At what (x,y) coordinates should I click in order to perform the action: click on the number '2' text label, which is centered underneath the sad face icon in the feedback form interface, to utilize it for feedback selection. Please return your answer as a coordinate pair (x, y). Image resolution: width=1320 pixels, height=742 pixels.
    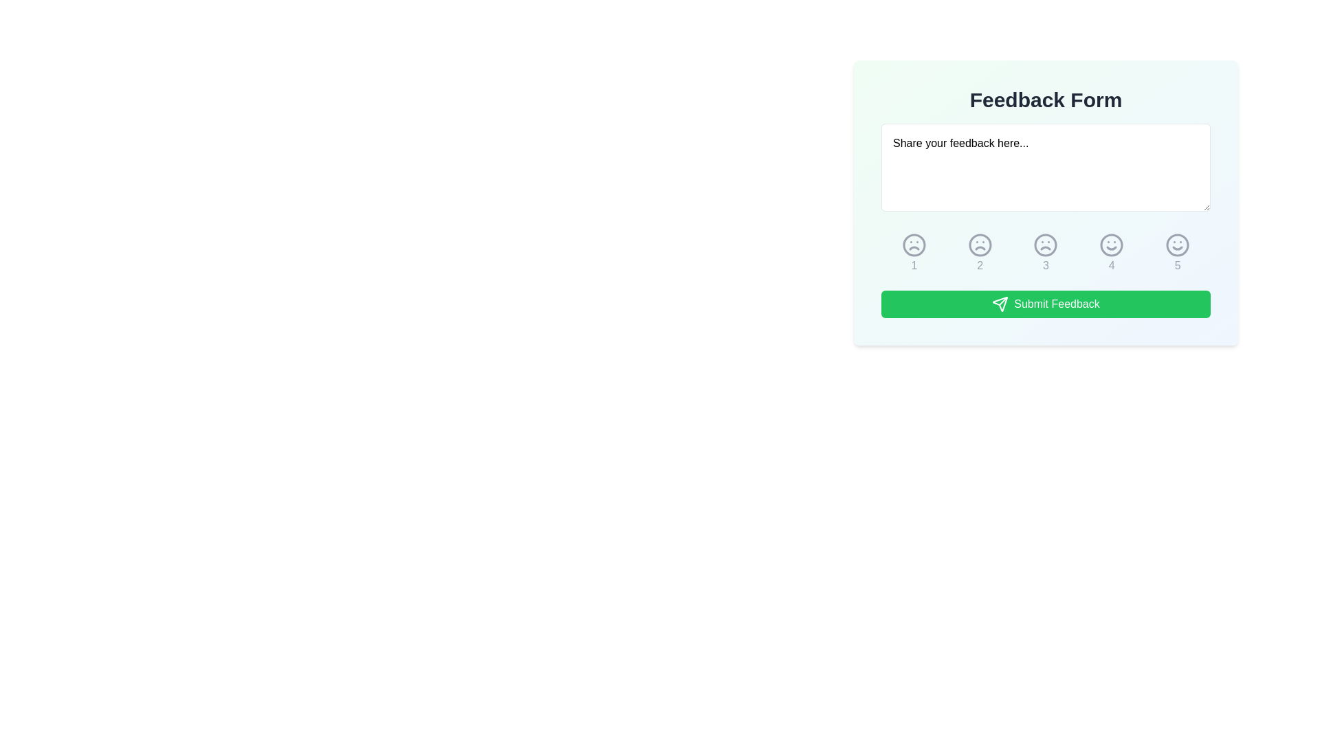
    Looking at the image, I should click on (979, 265).